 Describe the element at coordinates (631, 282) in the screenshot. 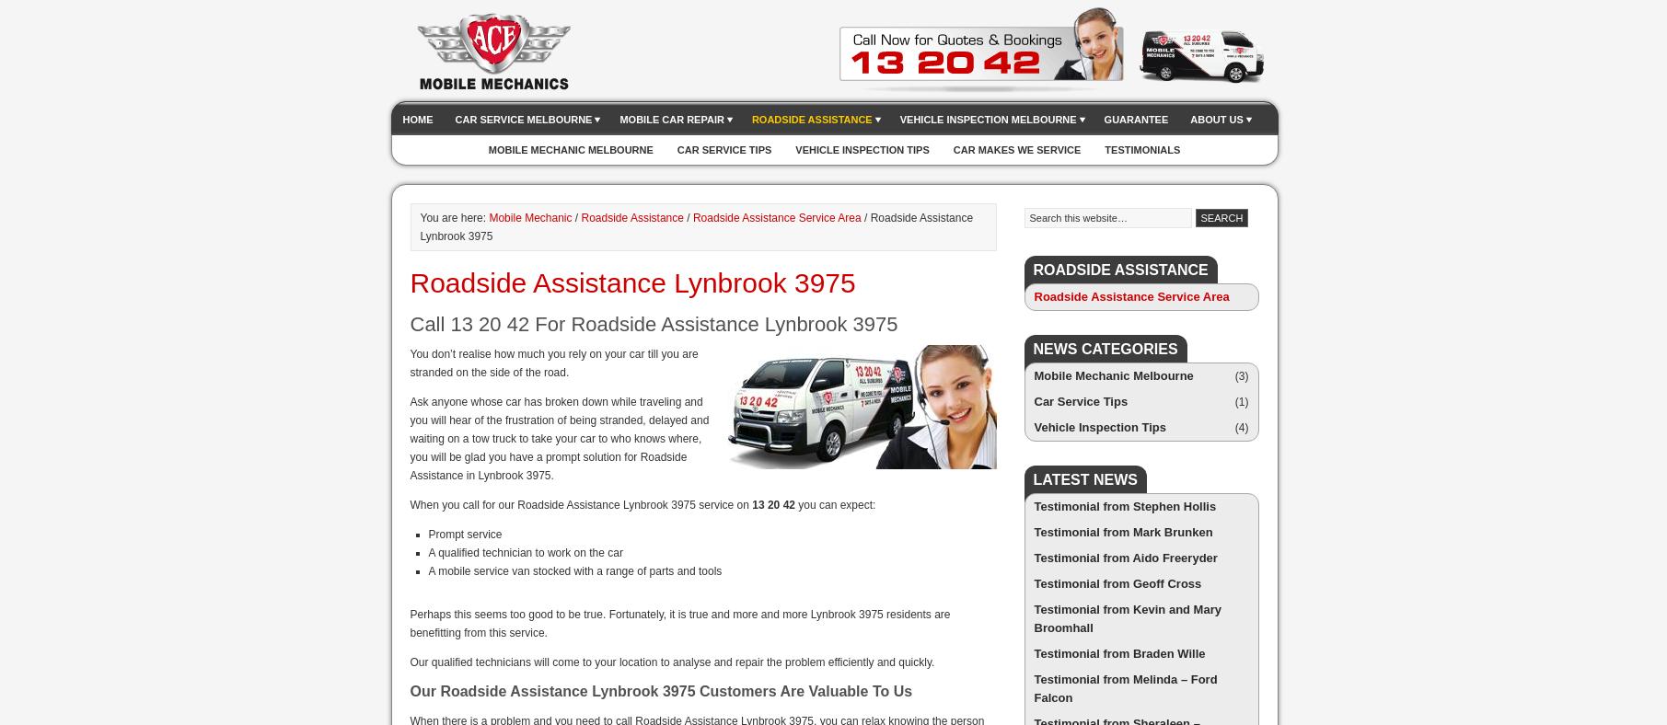

I see `'Roadside Assistance Lynbrook 3975'` at that location.